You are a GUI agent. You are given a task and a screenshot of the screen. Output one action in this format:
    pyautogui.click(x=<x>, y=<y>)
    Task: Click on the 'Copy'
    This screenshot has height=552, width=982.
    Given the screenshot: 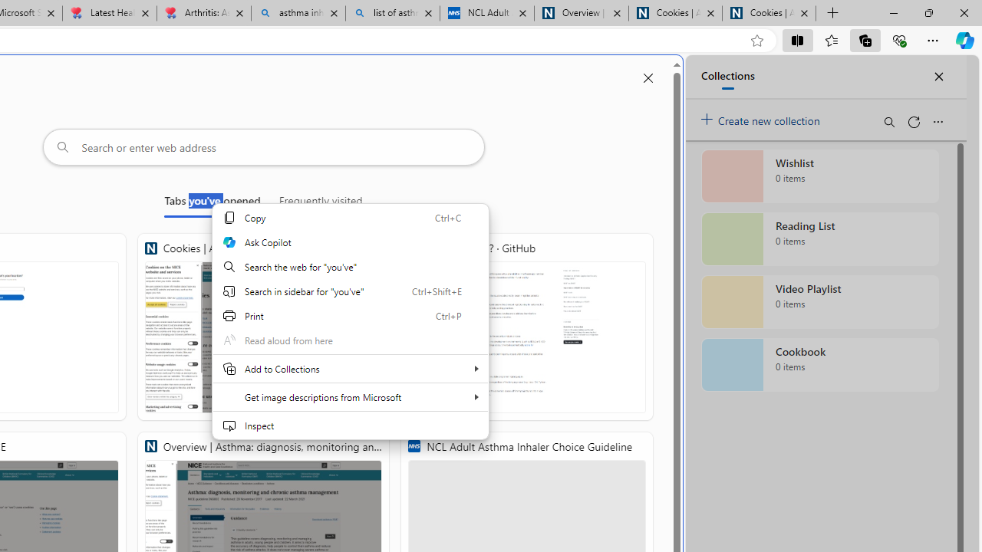 What is the action you would take?
    pyautogui.click(x=349, y=218)
    